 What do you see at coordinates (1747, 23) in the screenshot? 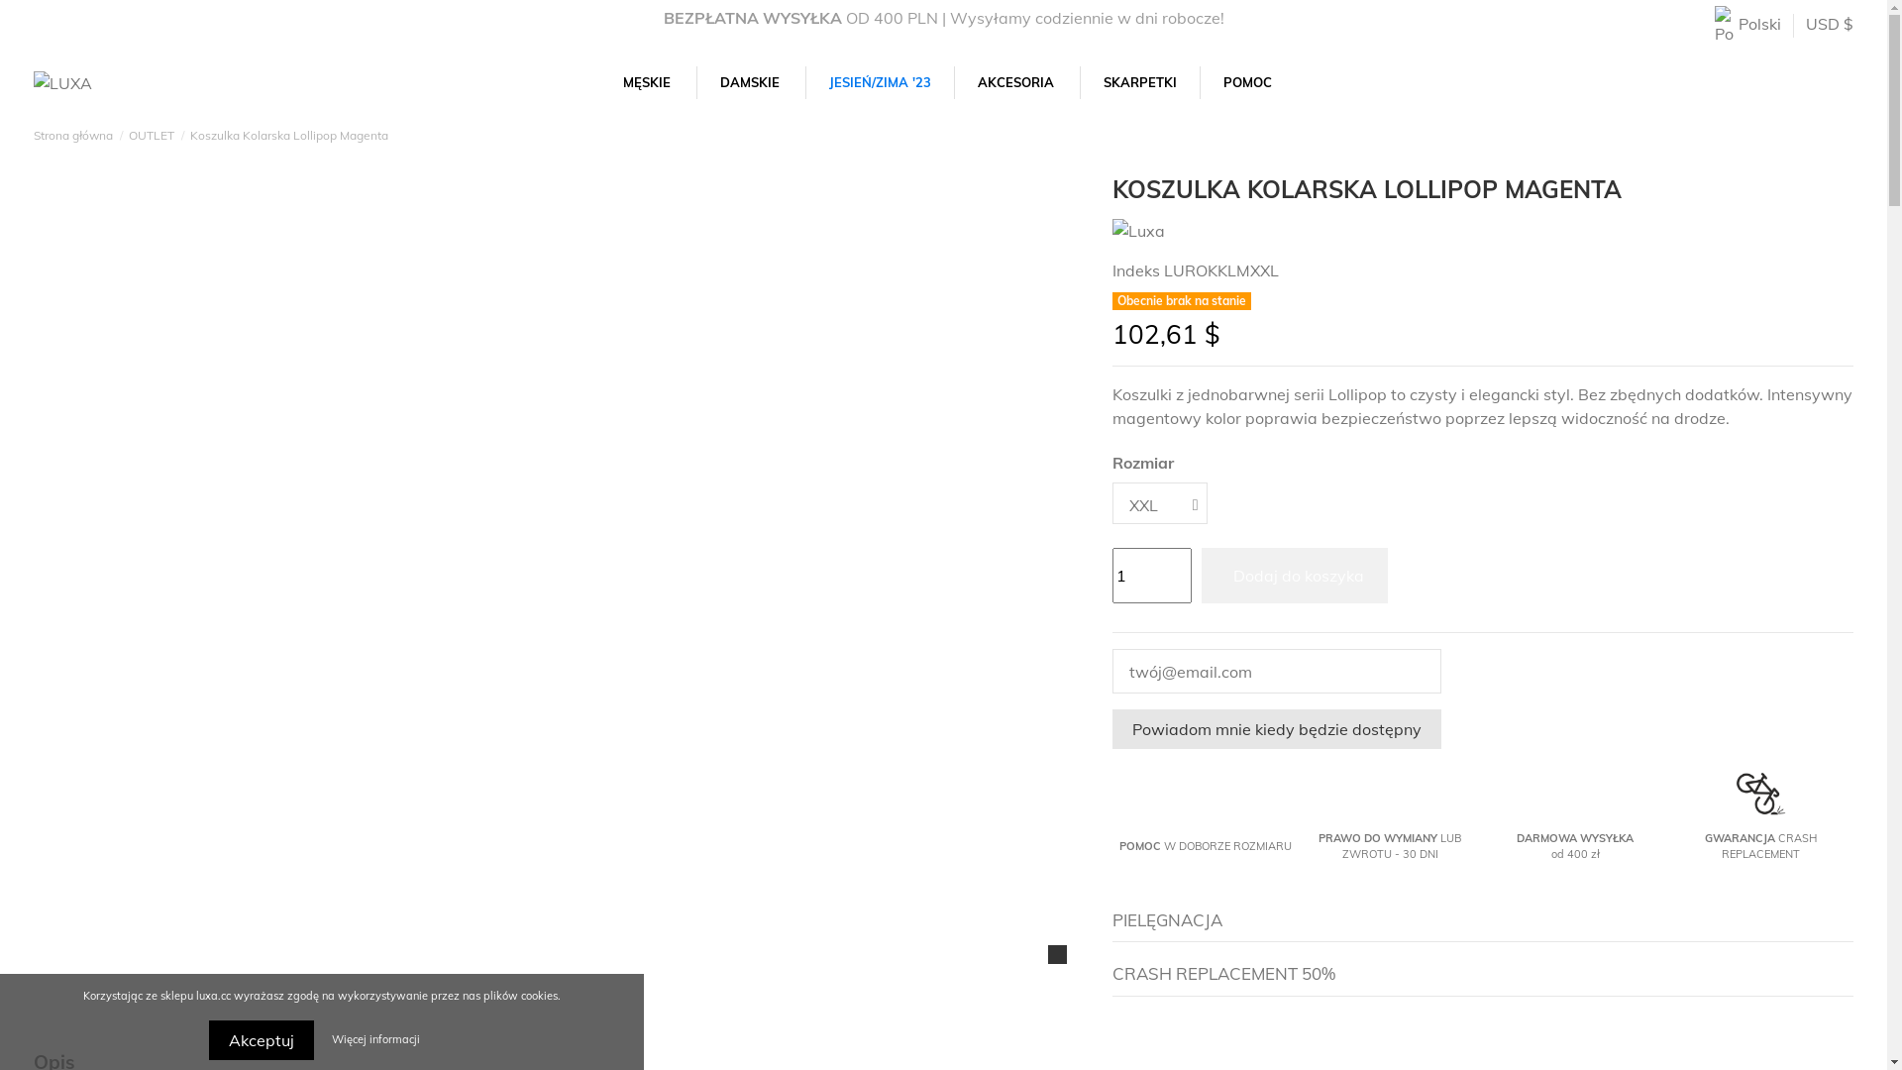
I see `'Polski'` at bounding box center [1747, 23].